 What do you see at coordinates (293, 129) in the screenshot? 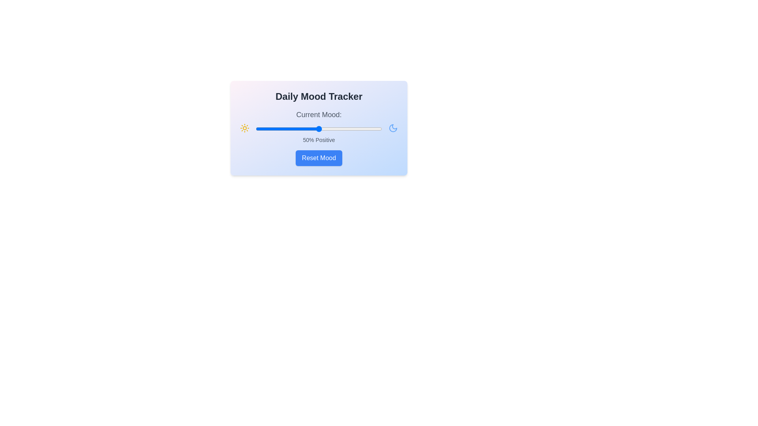
I see `mood rating` at bounding box center [293, 129].